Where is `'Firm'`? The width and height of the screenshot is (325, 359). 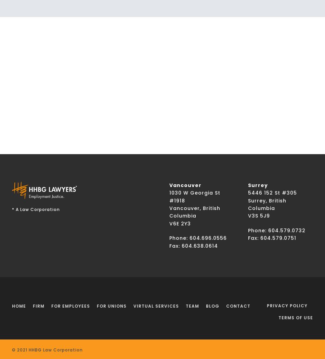 'Firm' is located at coordinates (38, 306).